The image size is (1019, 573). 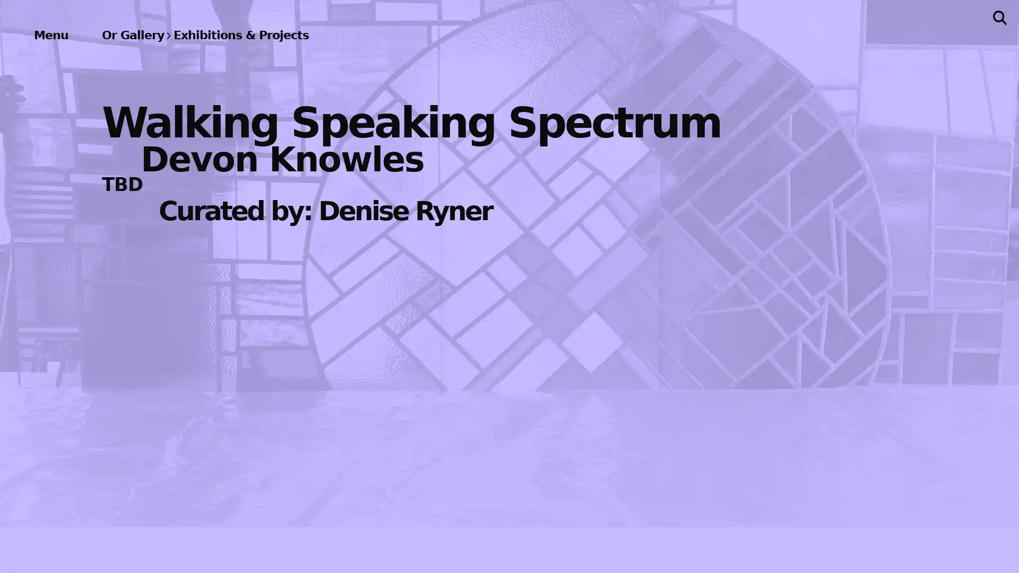 I want to click on Publications & Editions, so click(x=230, y=233).